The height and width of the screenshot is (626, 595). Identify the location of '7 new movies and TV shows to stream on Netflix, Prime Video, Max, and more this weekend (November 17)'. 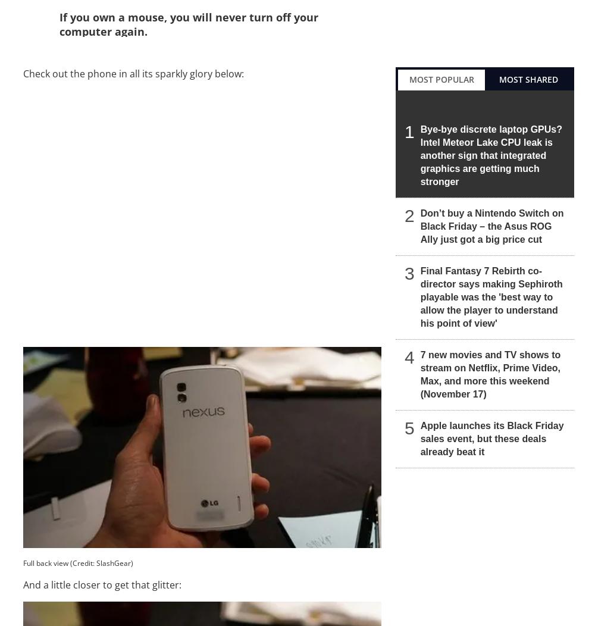
(490, 374).